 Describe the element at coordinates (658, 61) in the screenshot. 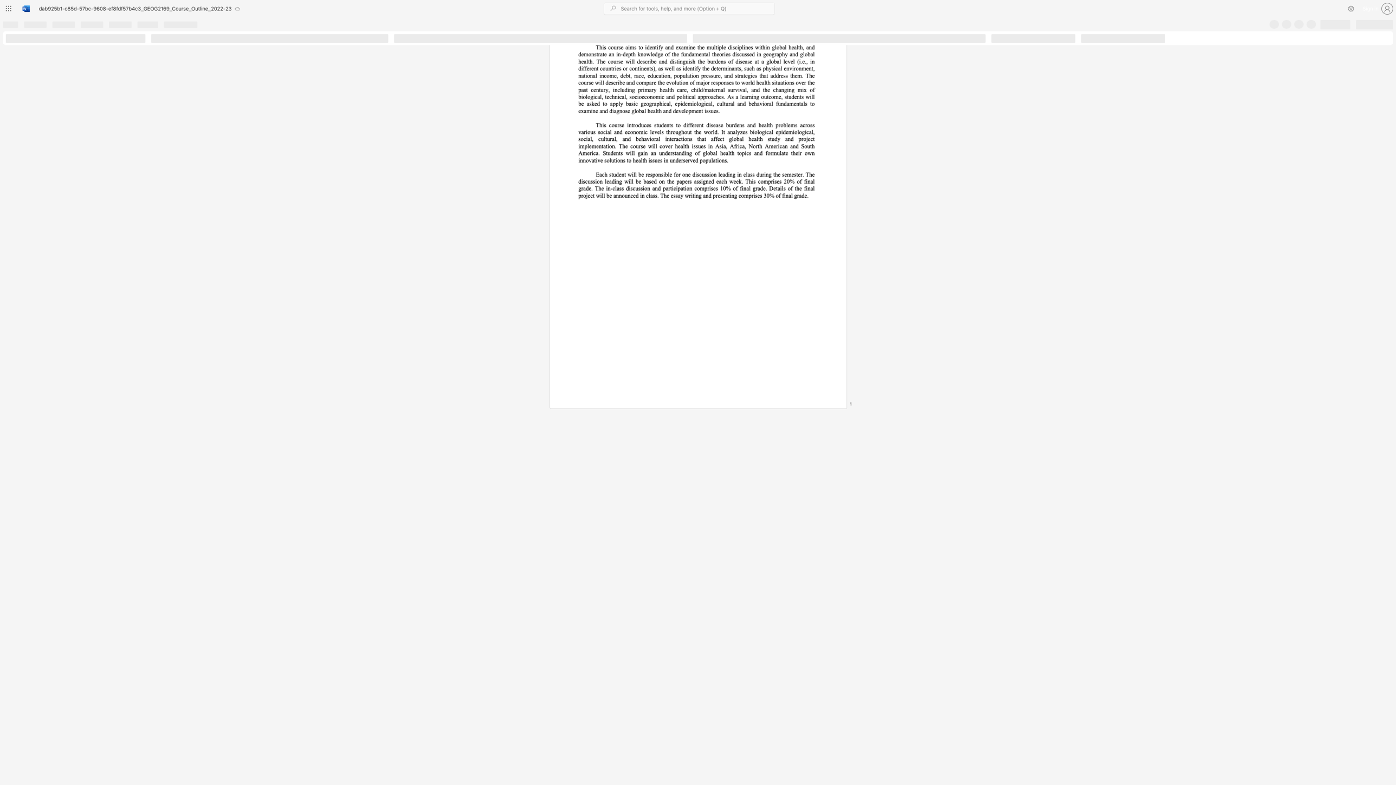

I see `the subset text "and distinguish the burdens of disease at a glo" within the text "This course aims to identify and examine the multiple disciplines within global health, and demonstrate an in-depth knowledge of the fundamental theories discussed in geography and global health. The course will describe and distinguish the burdens of disease at a global level (i.e., in different"` at that location.